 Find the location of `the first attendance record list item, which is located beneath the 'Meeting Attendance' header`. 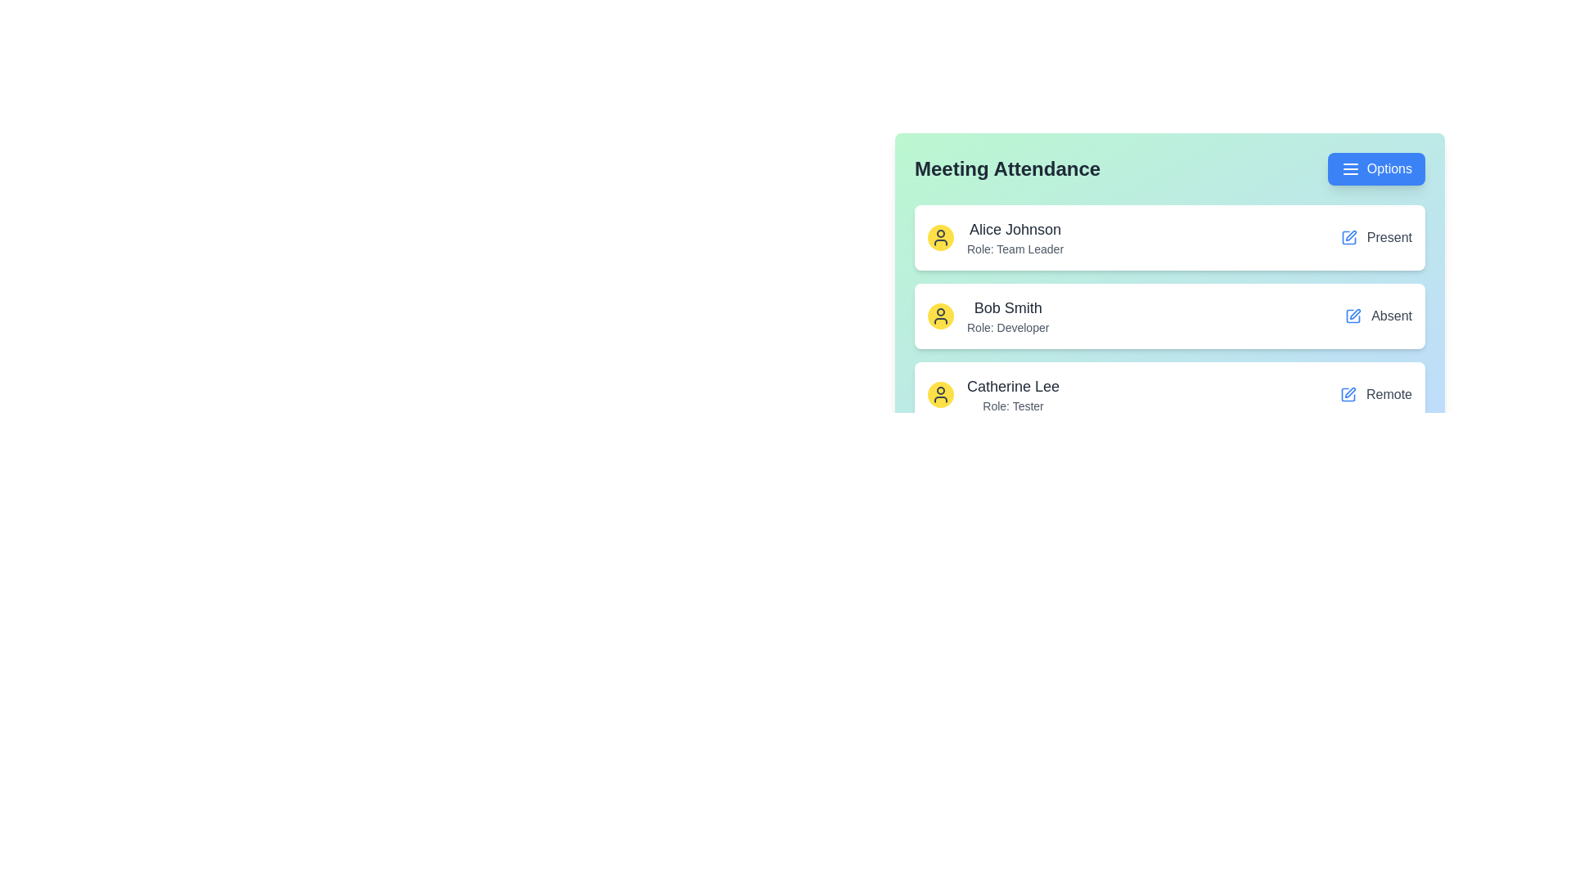

the first attendance record list item, which is located beneath the 'Meeting Attendance' header is located at coordinates (995, 237).